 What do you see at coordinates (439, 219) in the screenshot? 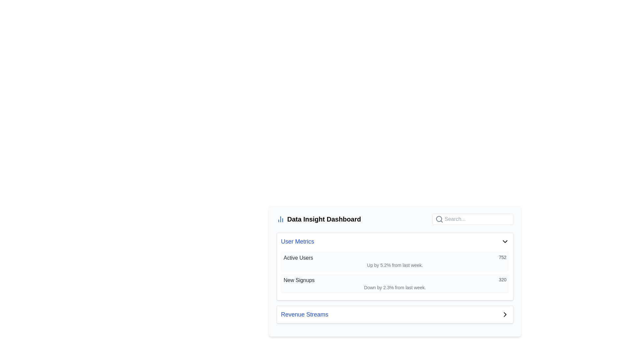
I see `the SVG Circle that is part of the search icon located in the top-right corner of the dashboard interface` at bounding box center [439, 219].